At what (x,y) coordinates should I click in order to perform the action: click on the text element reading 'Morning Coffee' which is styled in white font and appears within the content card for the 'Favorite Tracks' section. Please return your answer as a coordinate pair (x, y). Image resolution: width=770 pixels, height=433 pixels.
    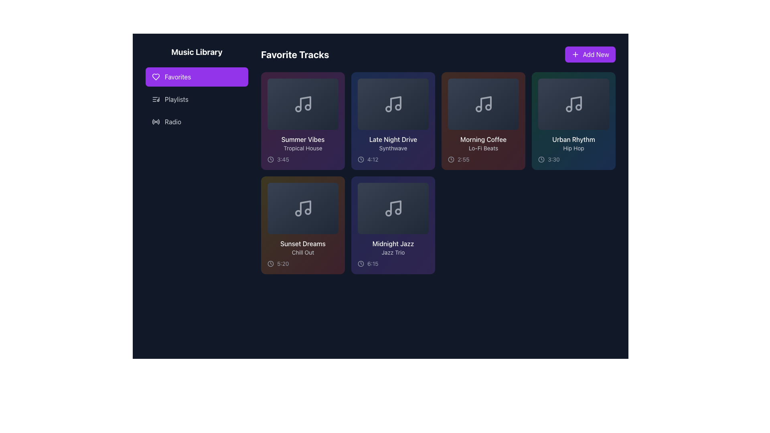
    Looking at the image, I should click on (483, 139).